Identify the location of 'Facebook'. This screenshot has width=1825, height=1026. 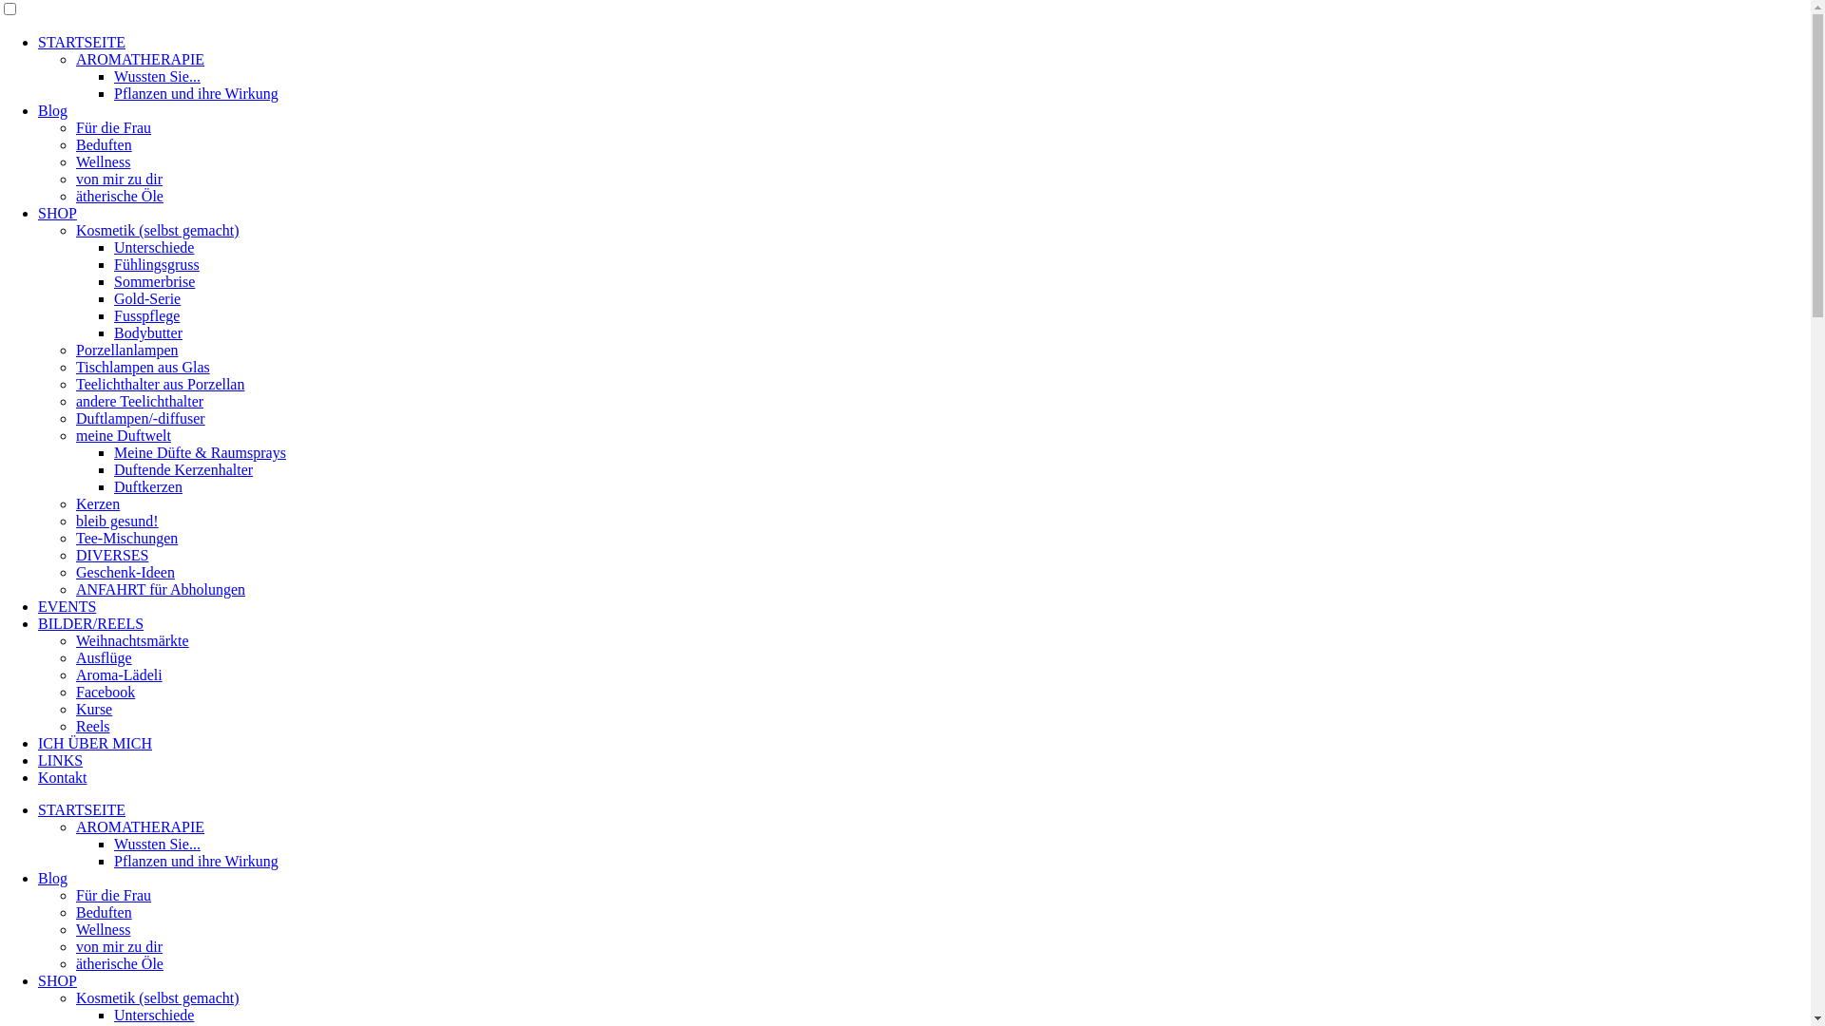
(104, 692).